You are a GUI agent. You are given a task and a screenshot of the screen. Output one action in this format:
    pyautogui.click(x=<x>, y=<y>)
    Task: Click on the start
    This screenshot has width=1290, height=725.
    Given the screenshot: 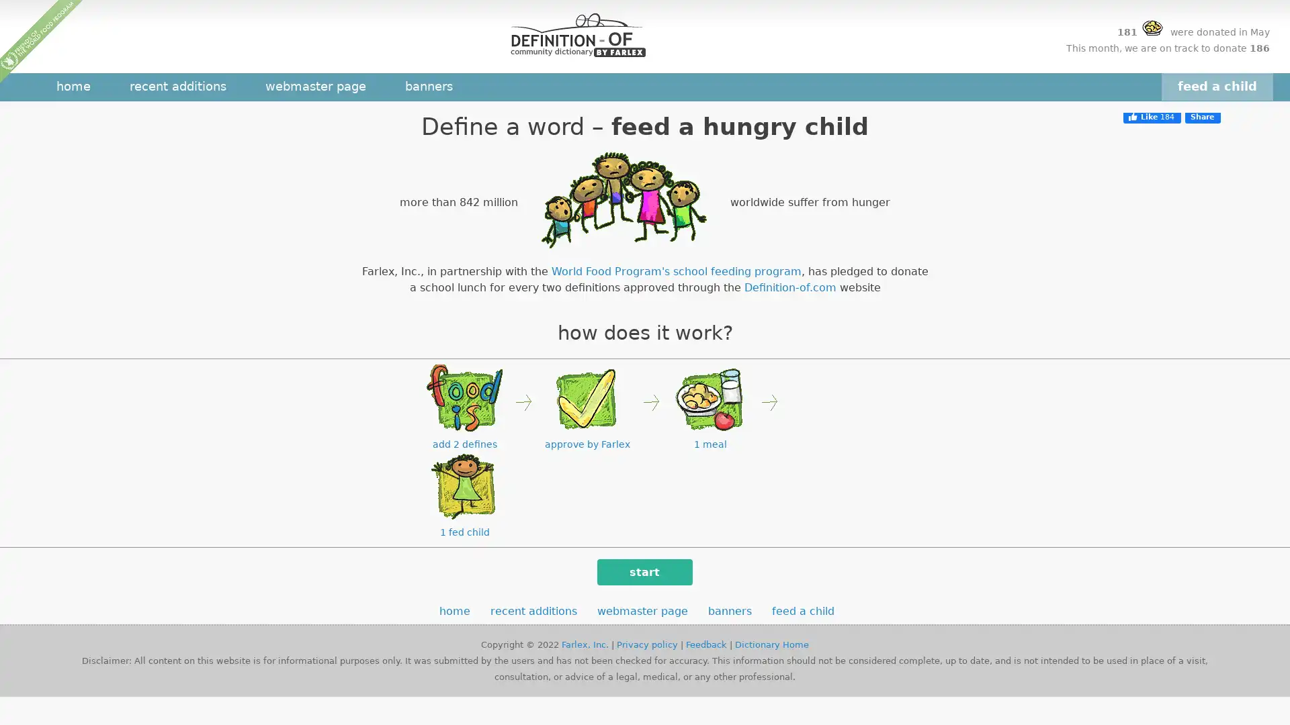 What is the action you would take?
    pyautogui.click(x=644, y=572)
    